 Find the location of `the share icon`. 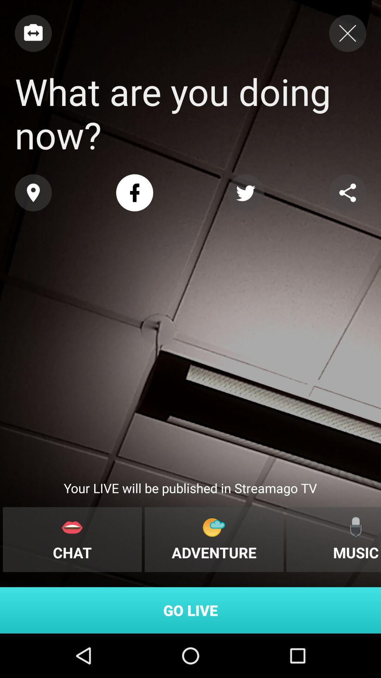

the share icon is located at coordinates (347, 193).